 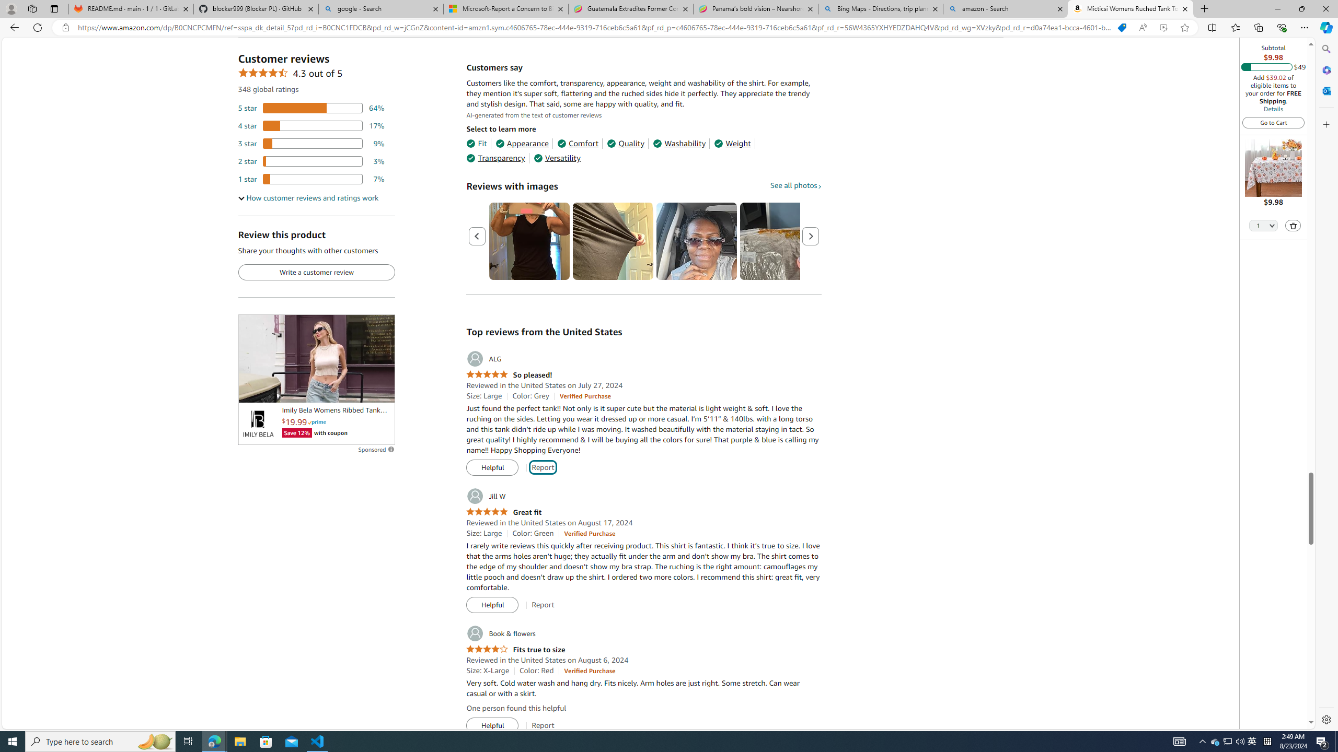 What do you see at coordinates (509, 374) in the screenshot?
I see `'5.0 out of 5 stars So pleased!'` at bounding box center [509, 374].